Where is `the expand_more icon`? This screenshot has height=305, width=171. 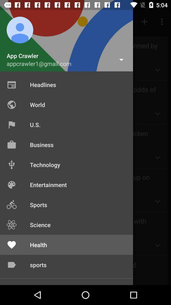 the expand_more icon is located at coordinates (157, 114).